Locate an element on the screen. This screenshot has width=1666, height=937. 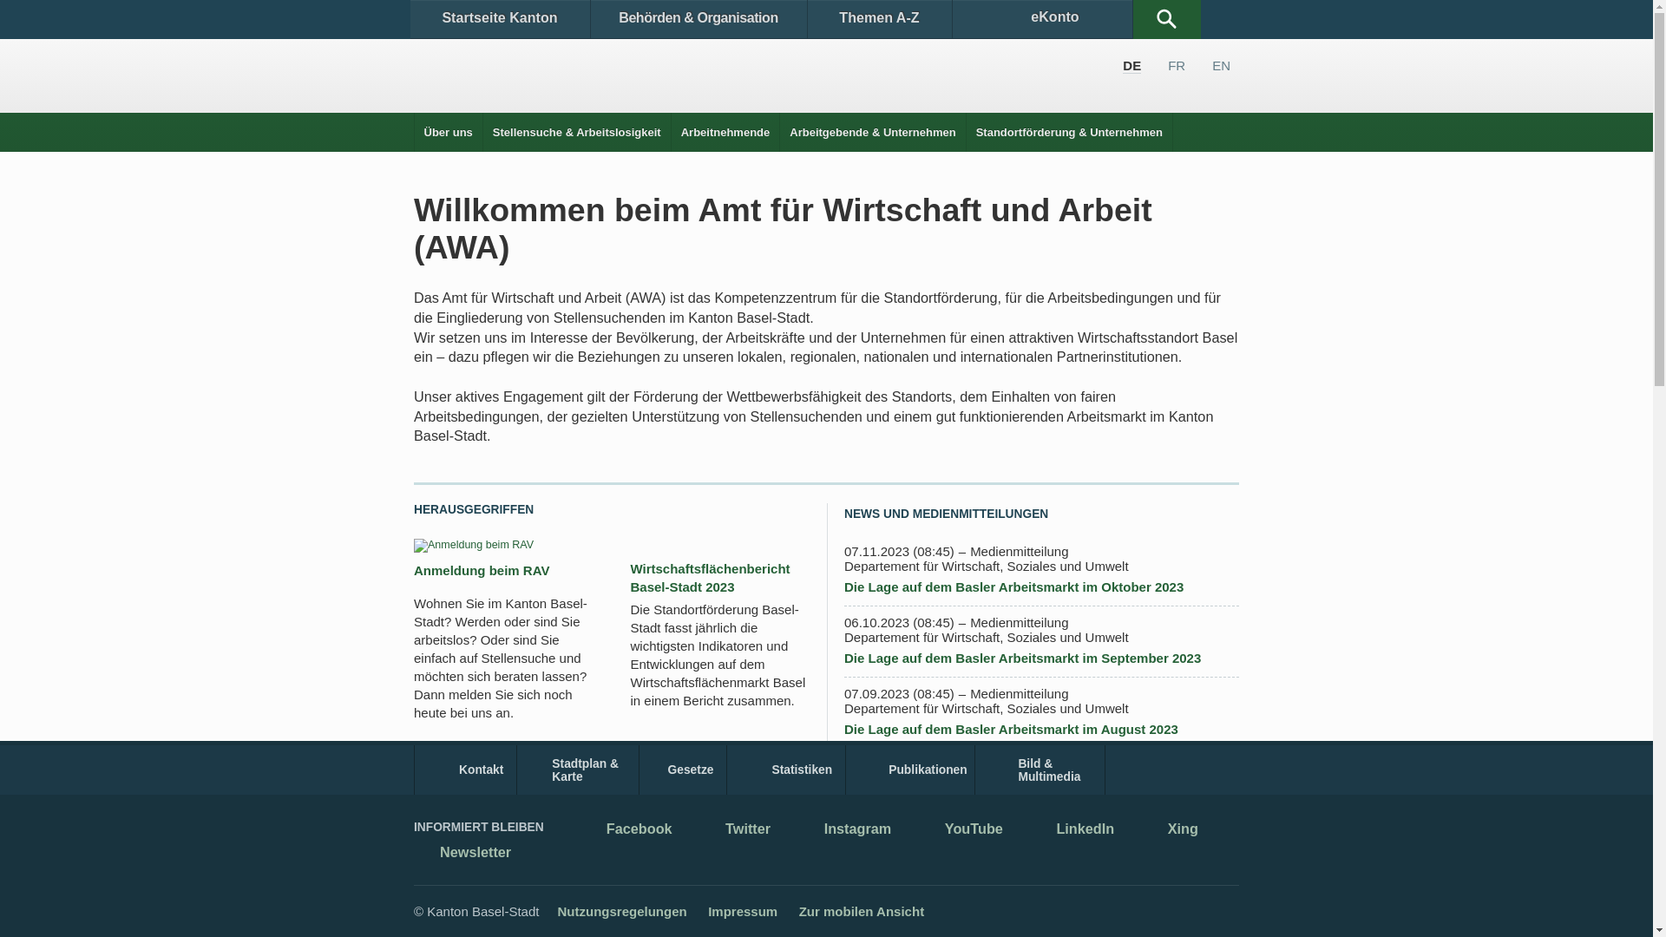
'Themen A-Z' is located at coordinates (878, 19).